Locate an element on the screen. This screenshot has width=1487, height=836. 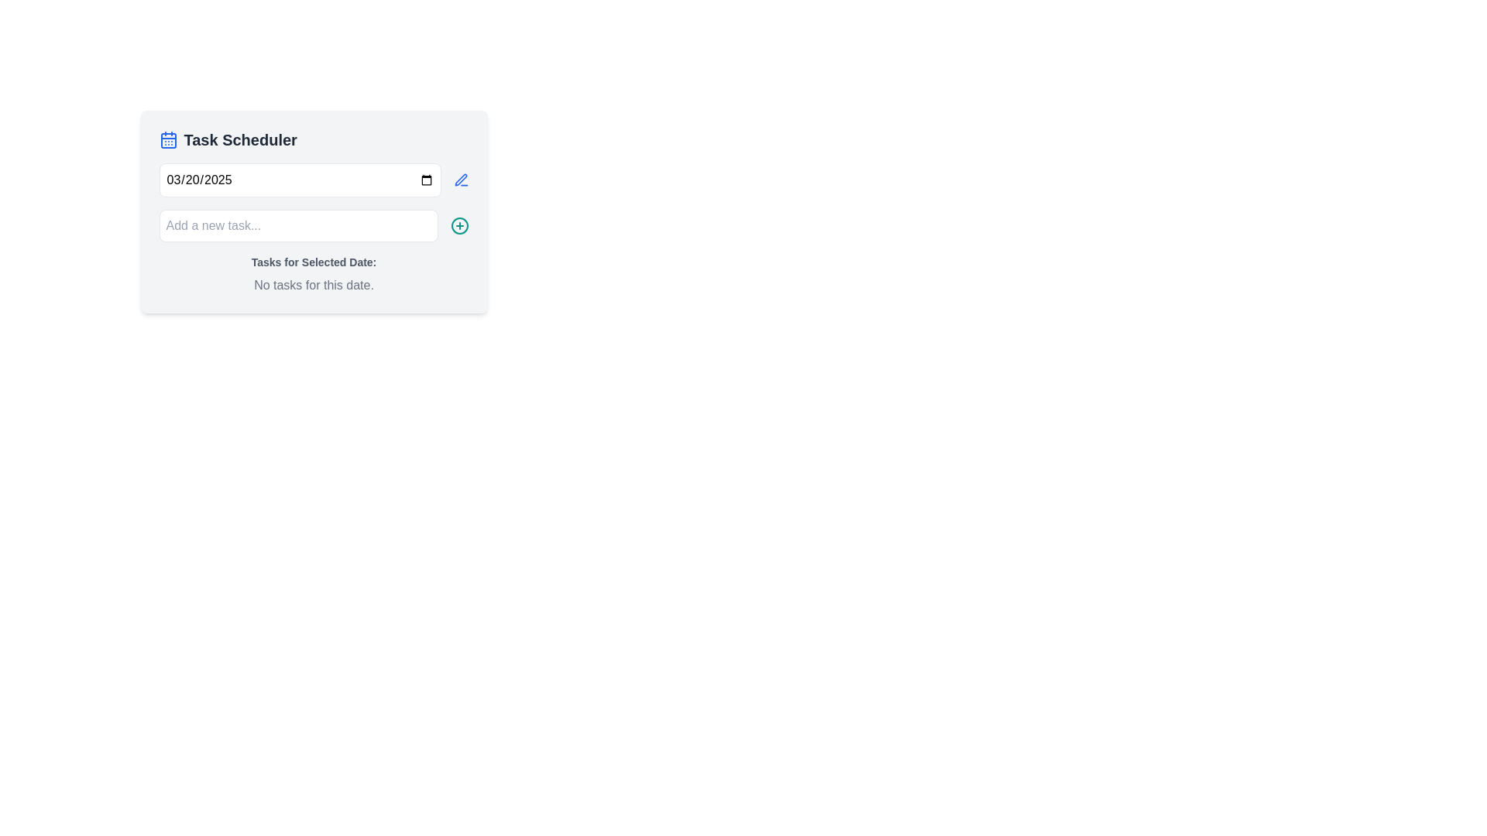
the icon-based interactive button located to the right of the 'Add a new task...' input field is located at coordinates (458, 226).